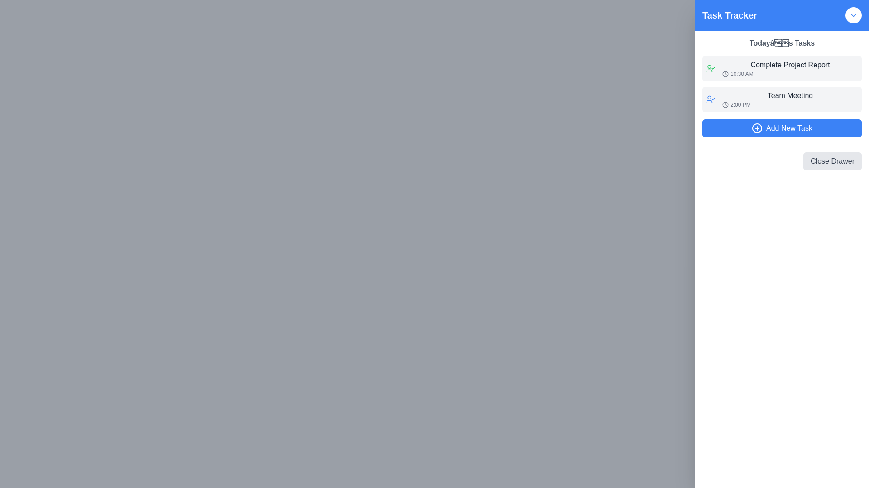 This screenshot has height=488, width=869. I want to click on the text label styled in dark gray with the text 'Team Meeting', located in the second task section of 'Today's Tasks' before '2:00 PM', so click(790, 96).